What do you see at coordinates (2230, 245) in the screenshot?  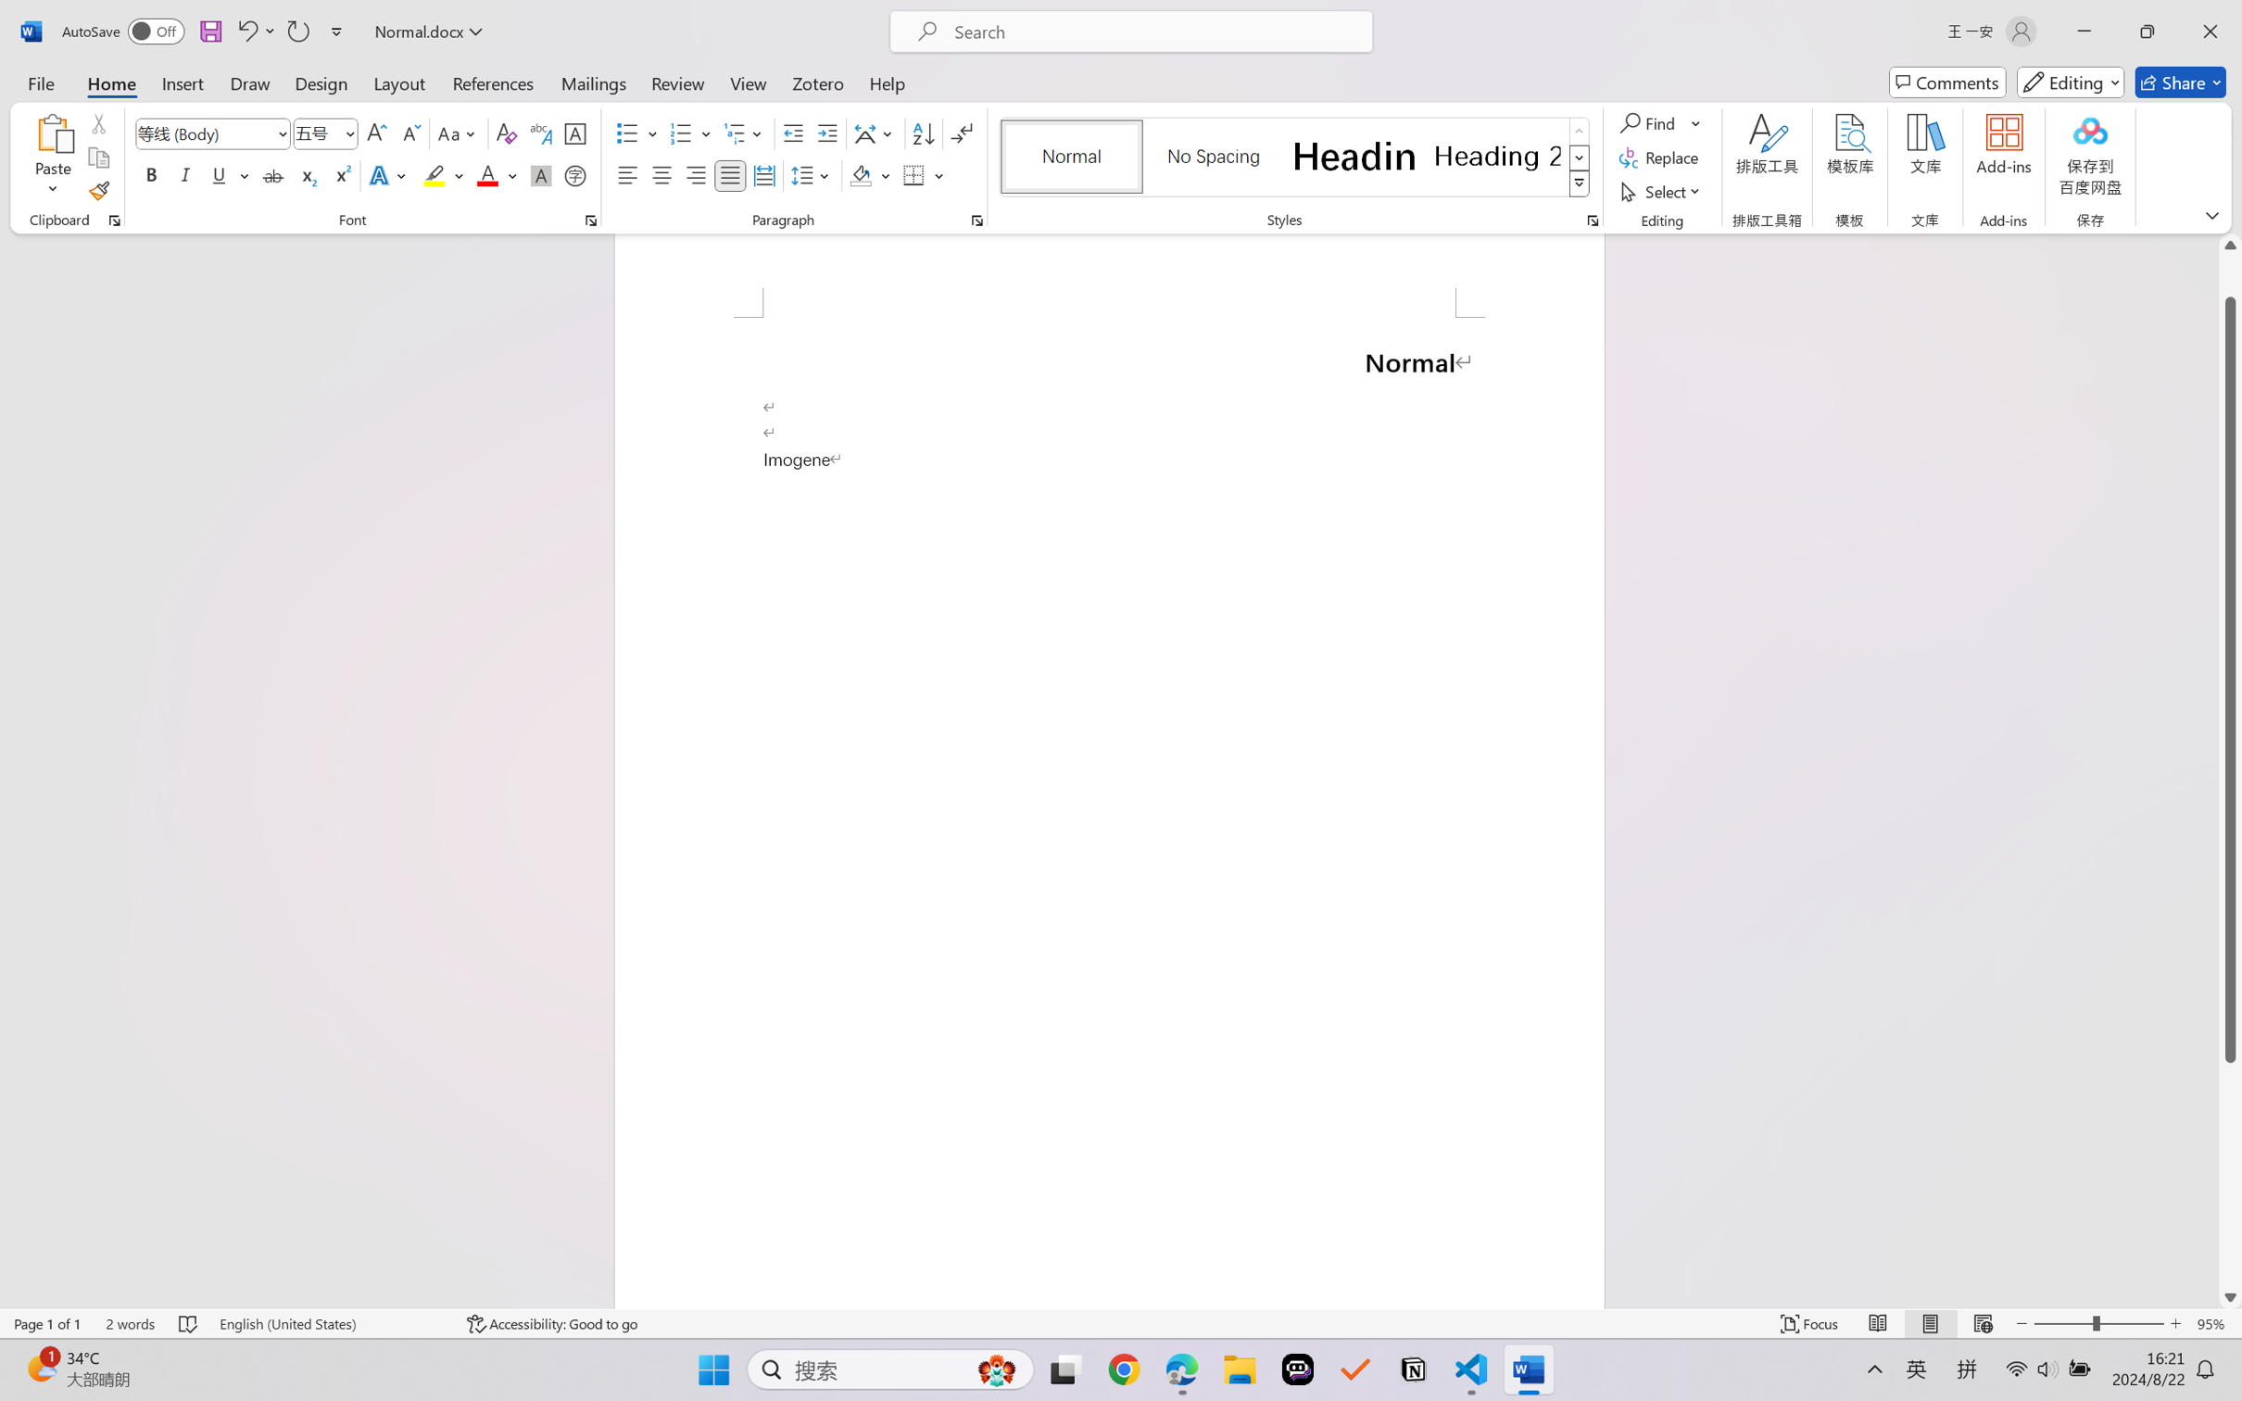 I see `'Line up'` at bounding box center [2230, 245].